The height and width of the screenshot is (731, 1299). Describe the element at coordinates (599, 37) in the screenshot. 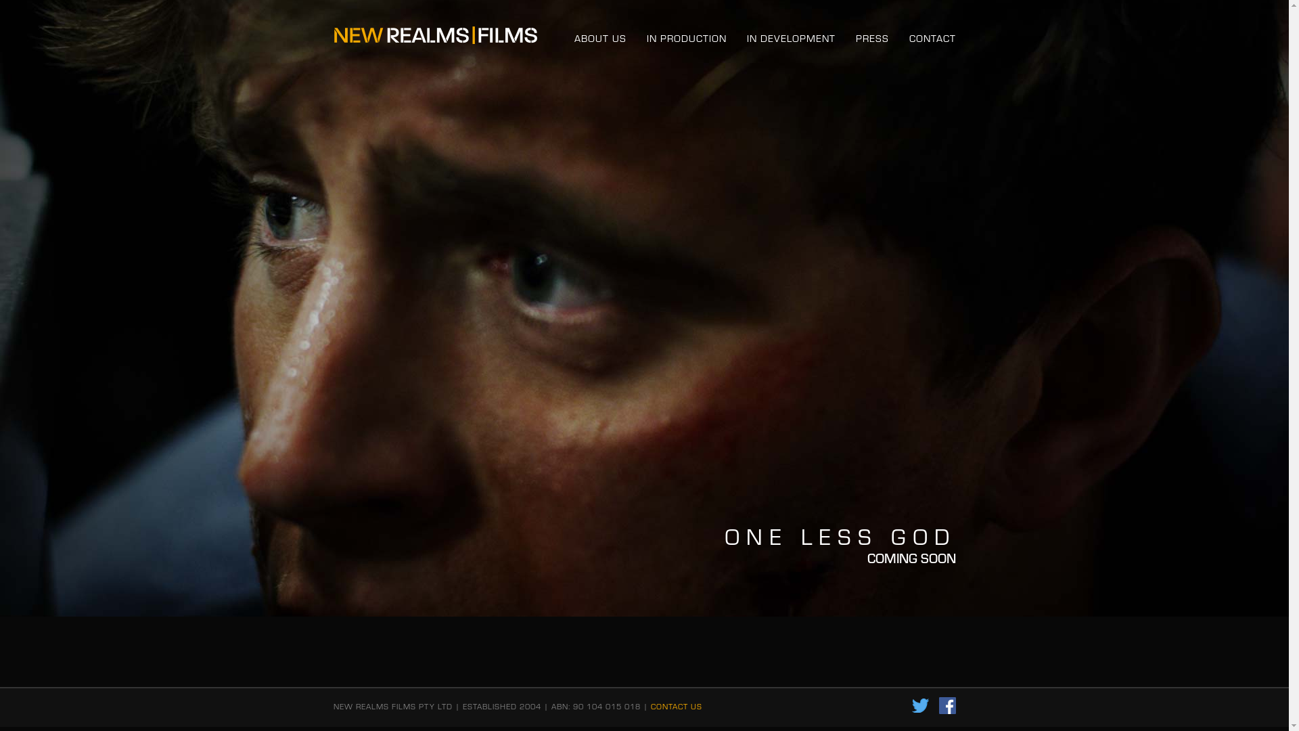

I see `'ABOUT US'` at that location.